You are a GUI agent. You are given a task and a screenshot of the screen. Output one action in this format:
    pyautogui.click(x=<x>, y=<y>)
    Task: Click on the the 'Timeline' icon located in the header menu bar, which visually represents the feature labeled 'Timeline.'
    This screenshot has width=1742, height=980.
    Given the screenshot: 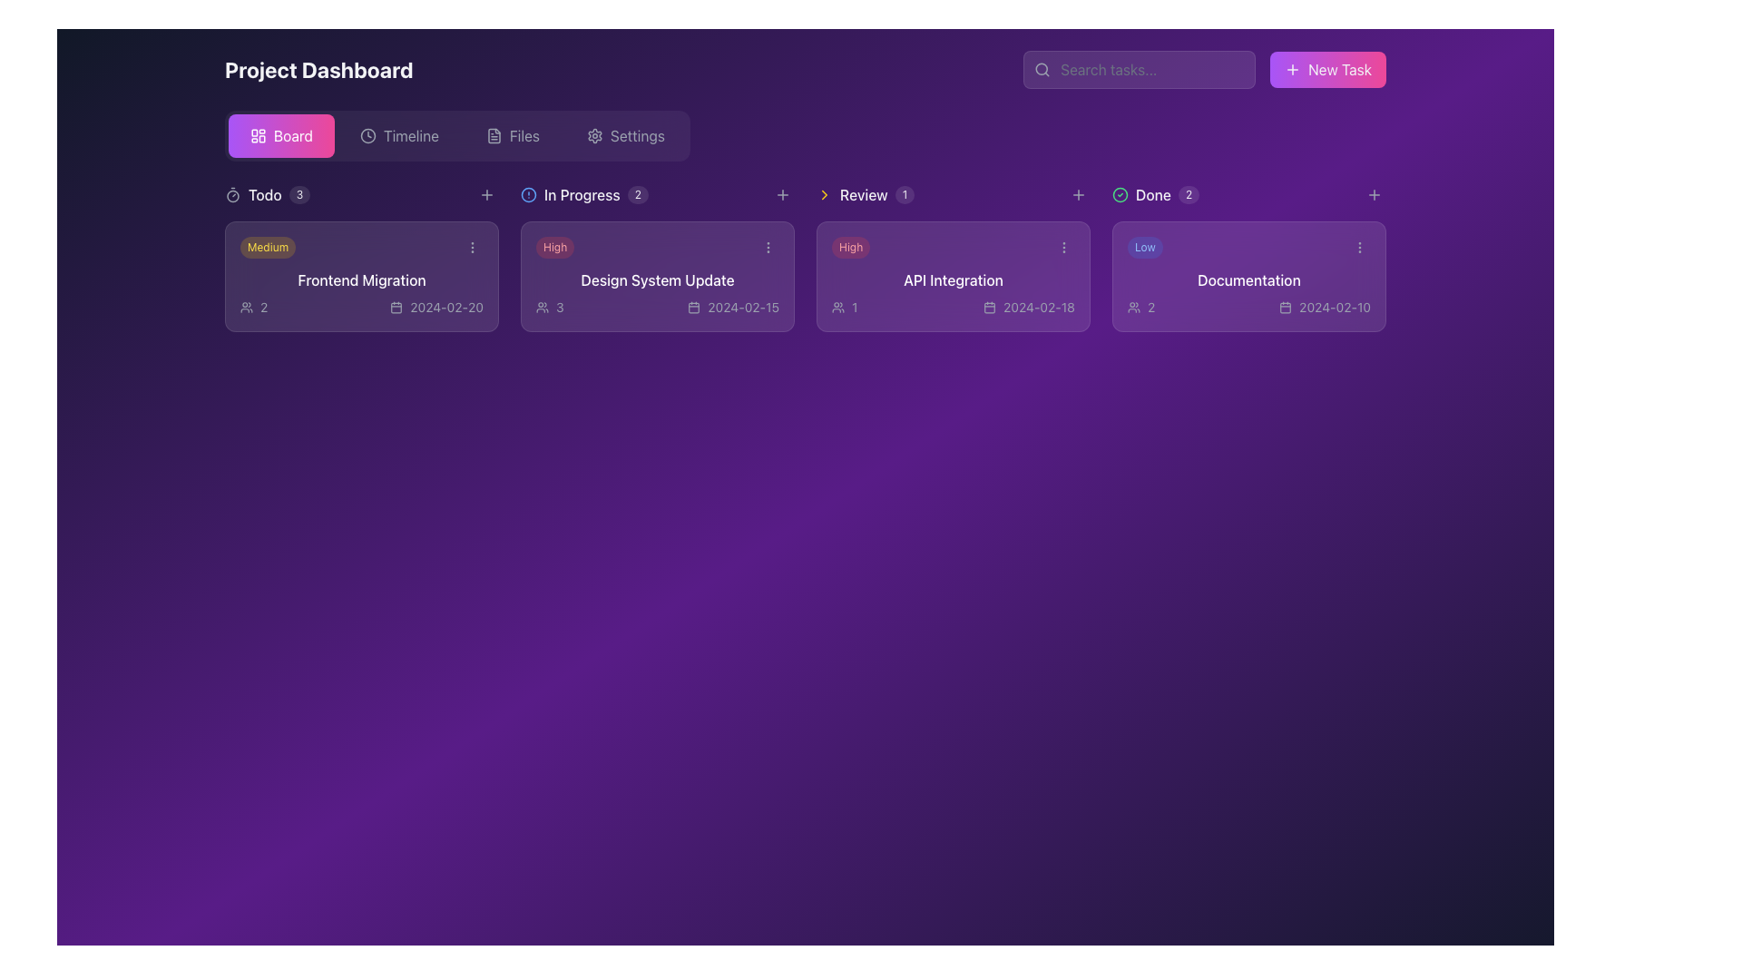 What is the action you would take?
    pyautogui.click(x=367, y=135)
    